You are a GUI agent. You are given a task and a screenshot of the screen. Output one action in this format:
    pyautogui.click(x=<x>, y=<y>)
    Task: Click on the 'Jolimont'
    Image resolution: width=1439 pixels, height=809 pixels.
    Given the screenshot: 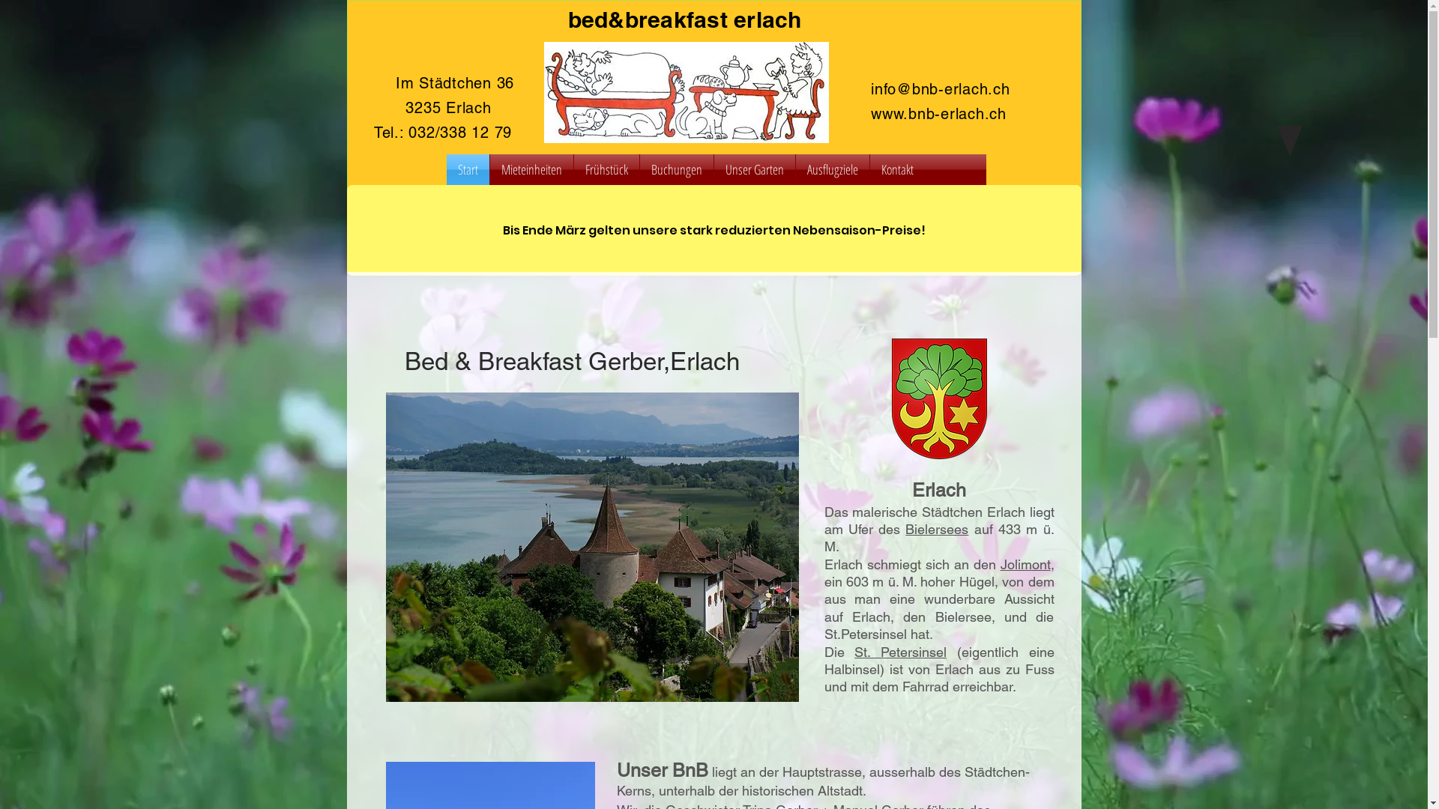 What is the action you would take?
    pyautogui.click(x=1024, y=564)
    